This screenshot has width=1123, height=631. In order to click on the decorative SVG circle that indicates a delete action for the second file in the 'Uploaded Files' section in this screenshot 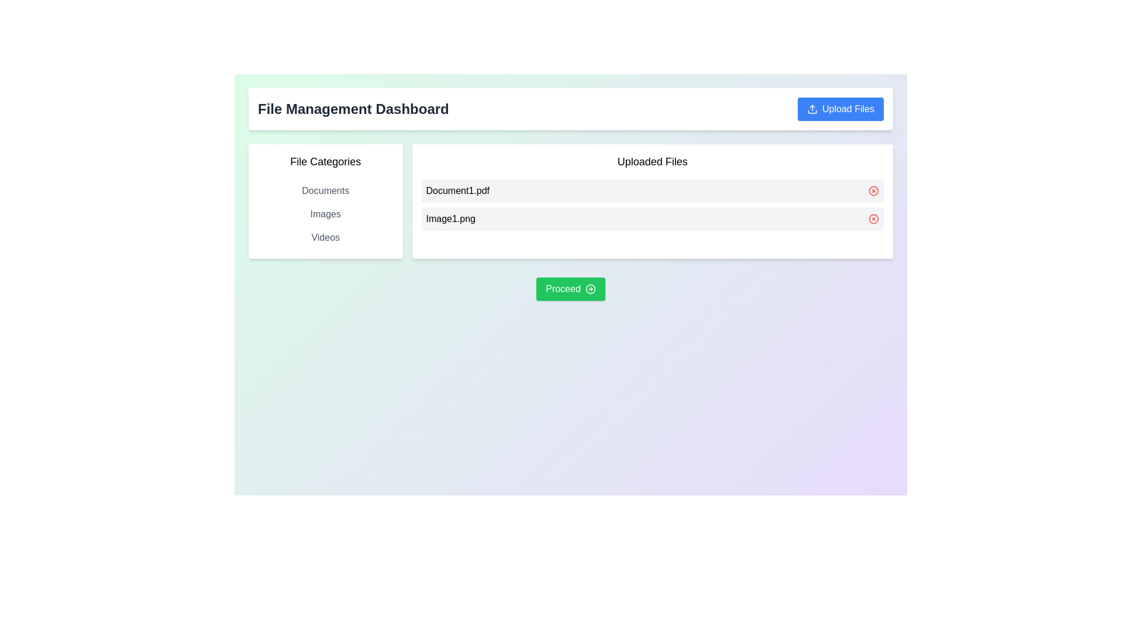, I will do `click(873, 219)`.